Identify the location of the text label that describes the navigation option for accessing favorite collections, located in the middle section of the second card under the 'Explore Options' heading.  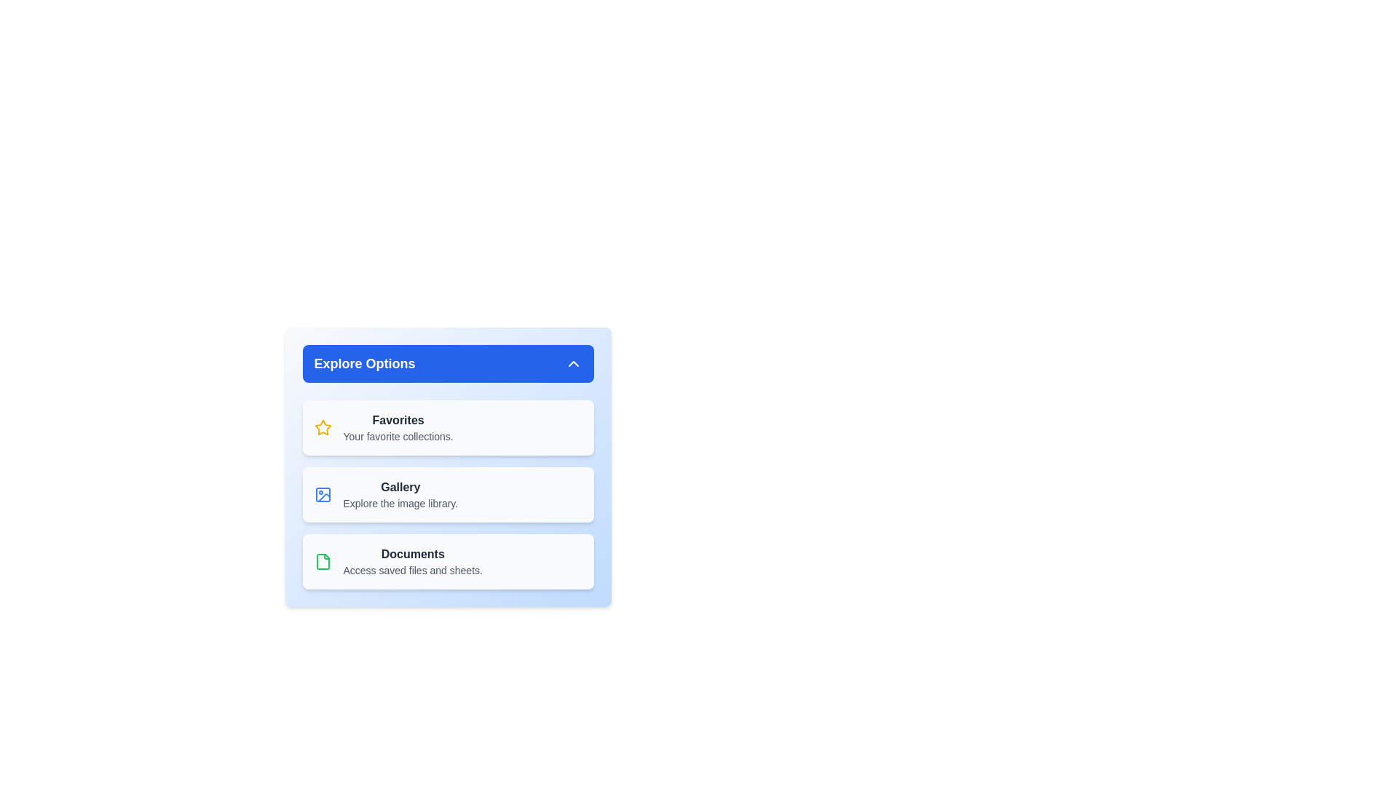
(398, 426).